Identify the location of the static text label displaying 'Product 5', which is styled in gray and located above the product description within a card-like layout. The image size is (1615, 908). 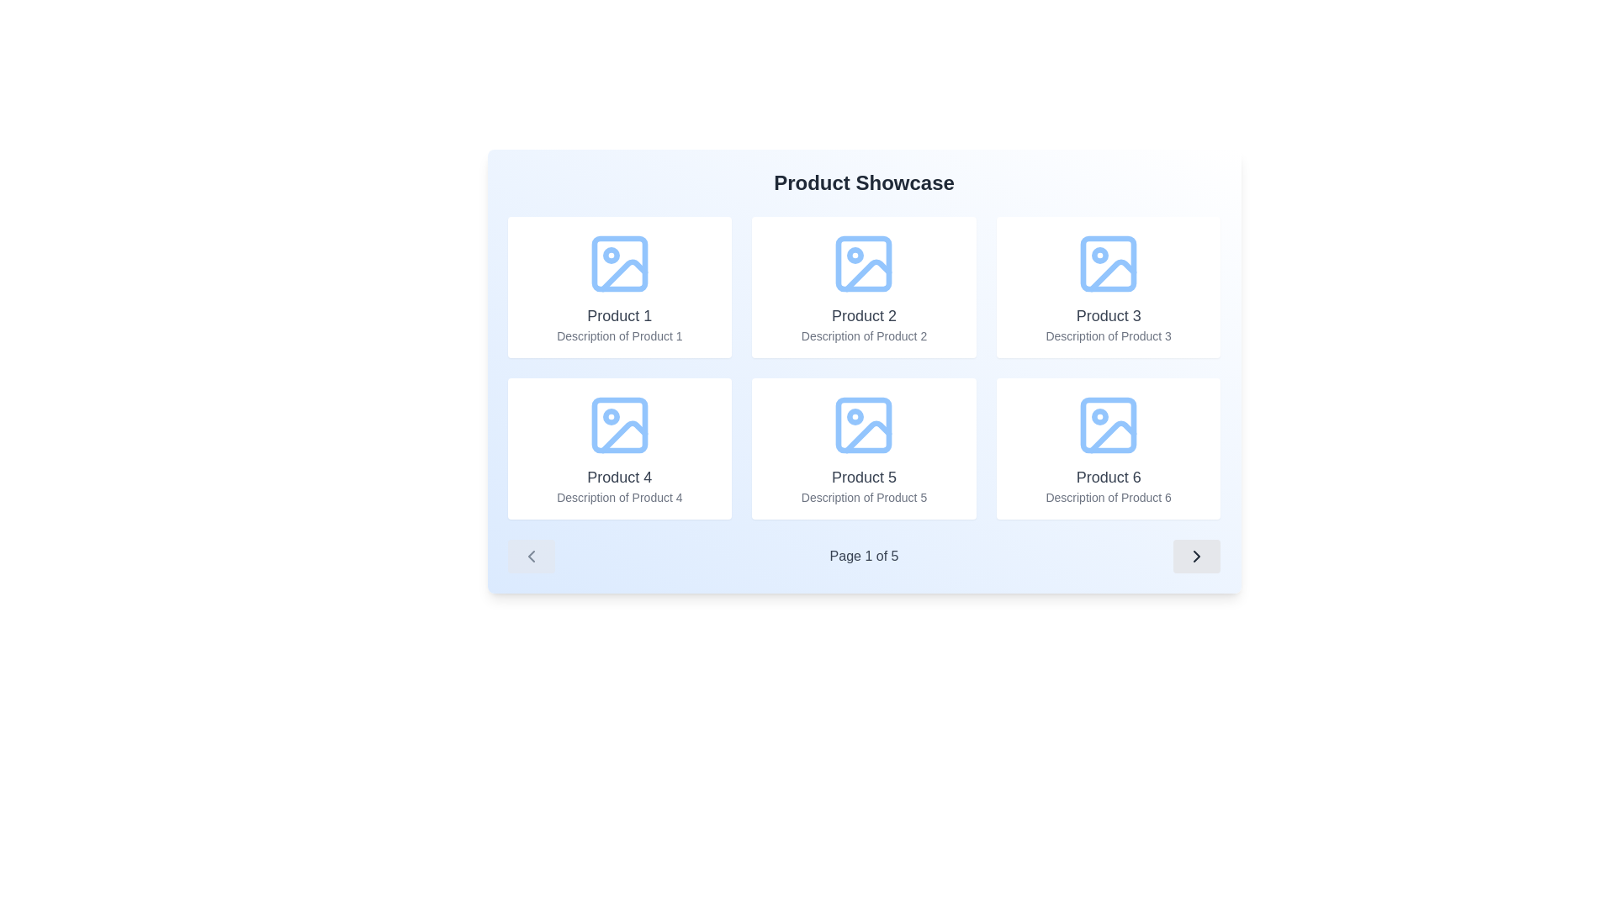
(864, 477).